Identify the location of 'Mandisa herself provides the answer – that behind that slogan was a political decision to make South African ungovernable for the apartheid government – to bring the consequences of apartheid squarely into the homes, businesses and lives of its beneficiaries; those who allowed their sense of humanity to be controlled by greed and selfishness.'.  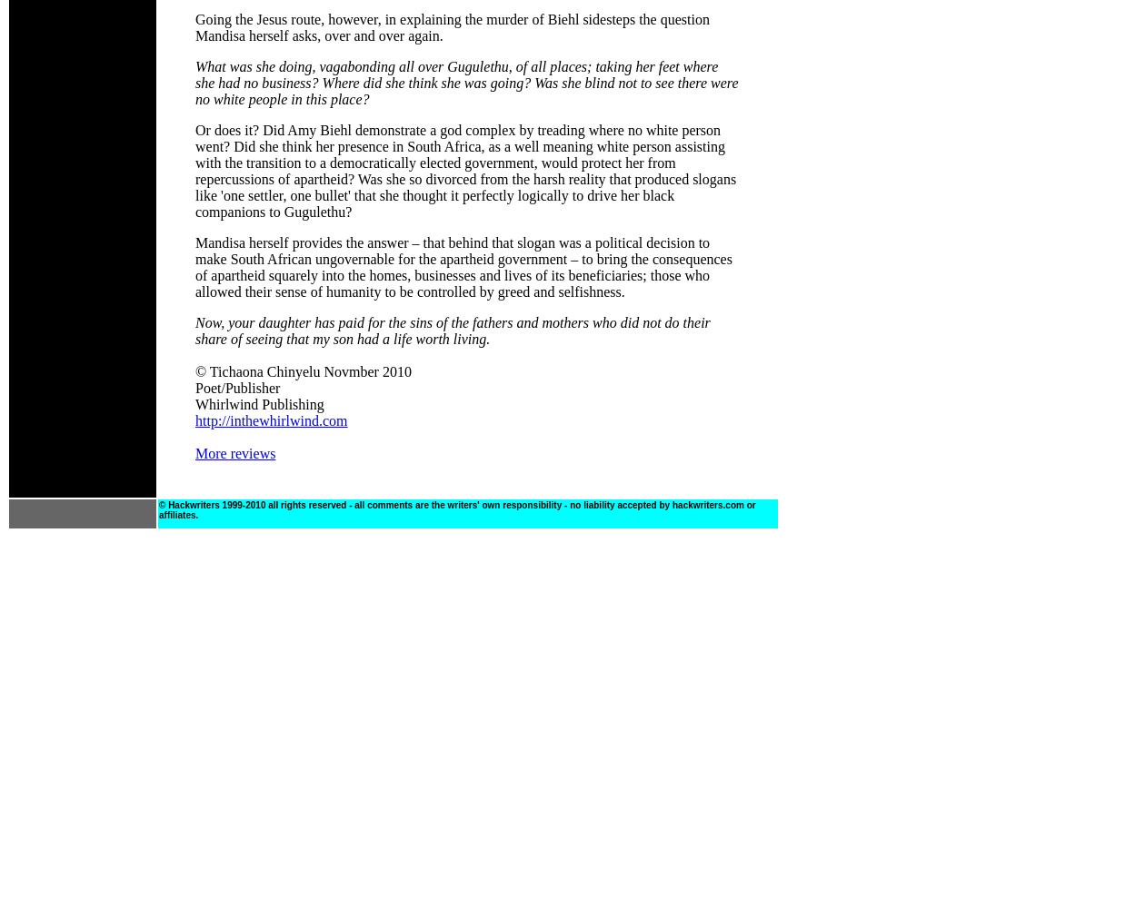
(463, 267).